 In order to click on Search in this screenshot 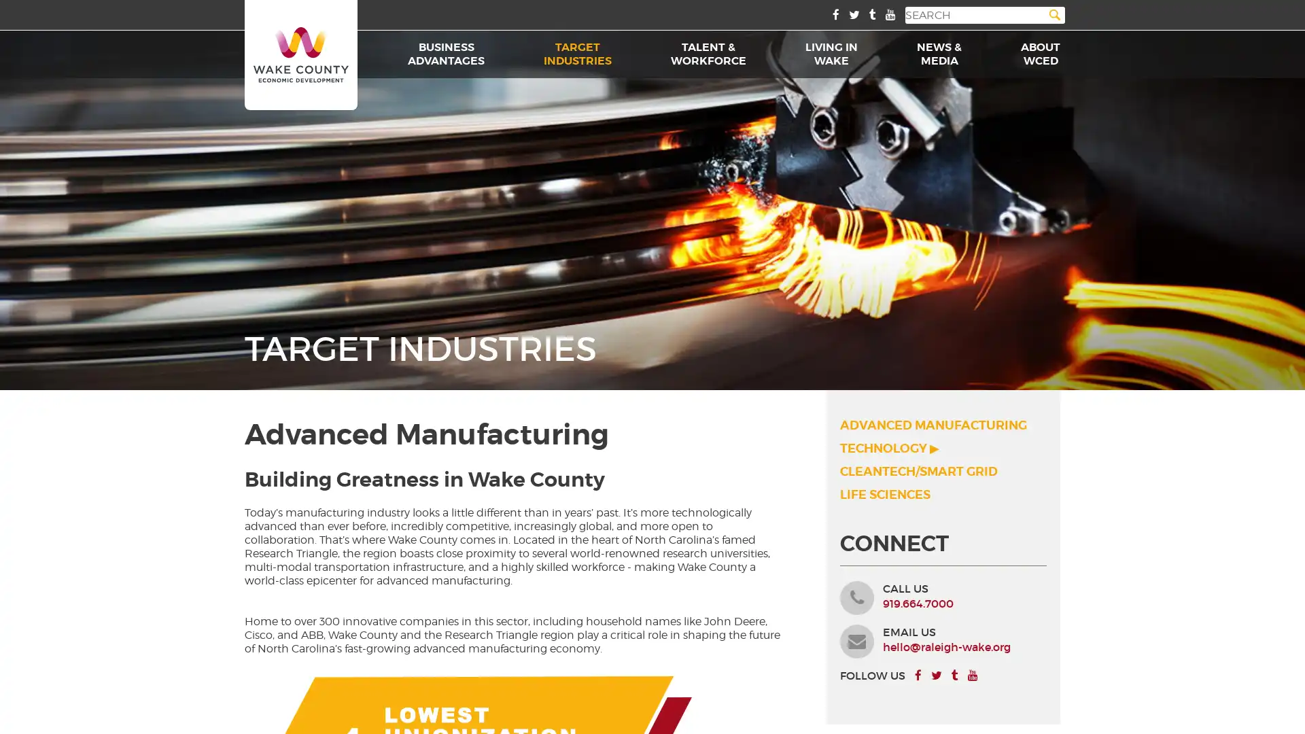, I will do `click(1054, 15)`.